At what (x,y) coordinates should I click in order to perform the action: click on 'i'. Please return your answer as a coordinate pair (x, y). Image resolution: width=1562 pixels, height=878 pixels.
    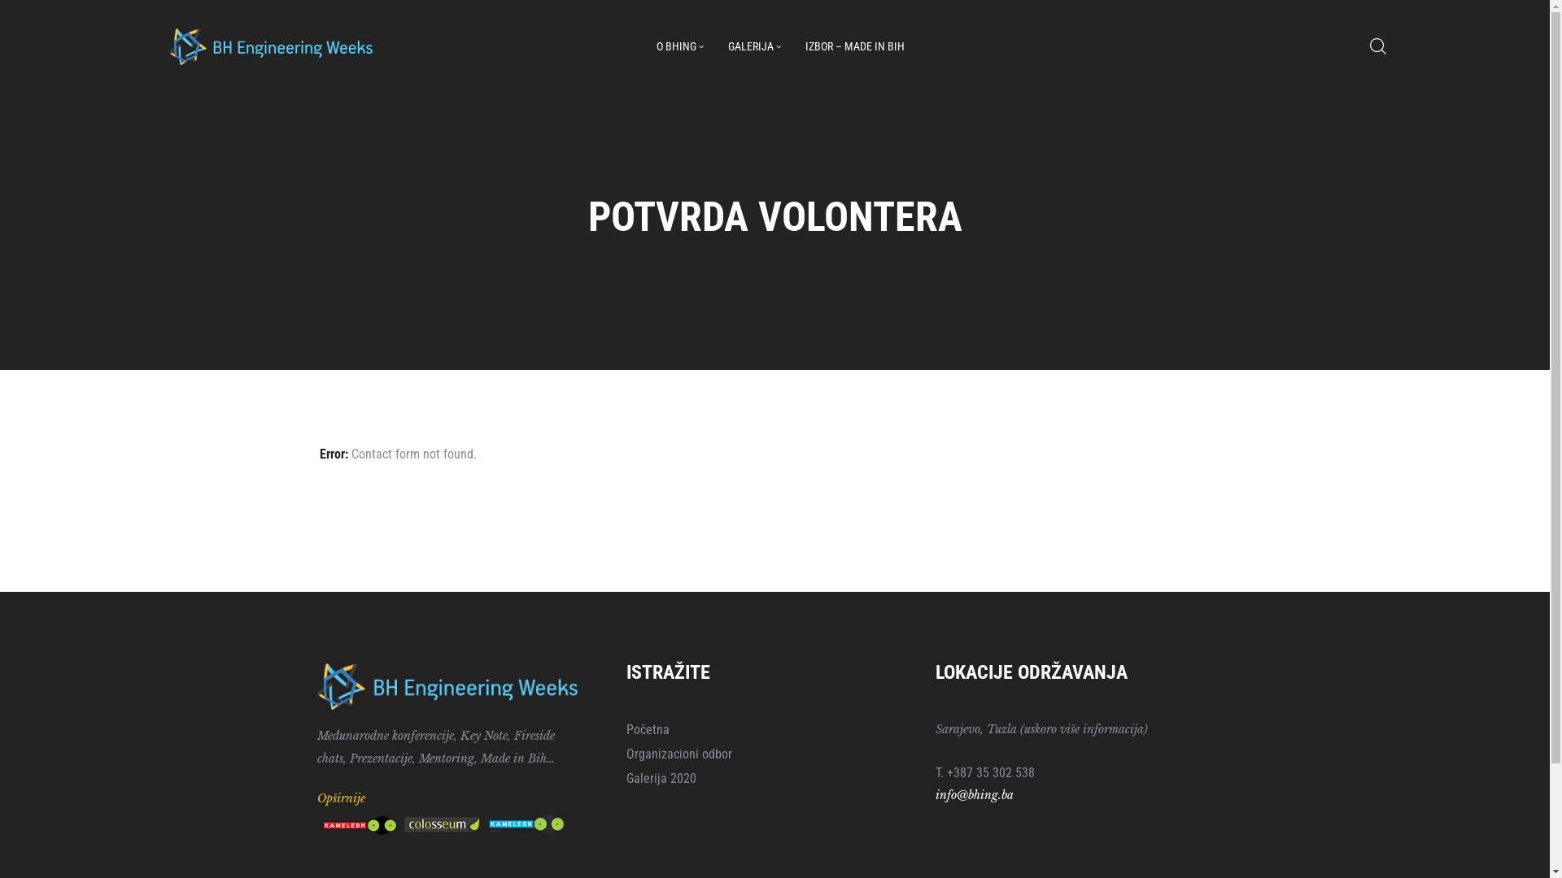
    Looking at the image, I should click on (937, 794).